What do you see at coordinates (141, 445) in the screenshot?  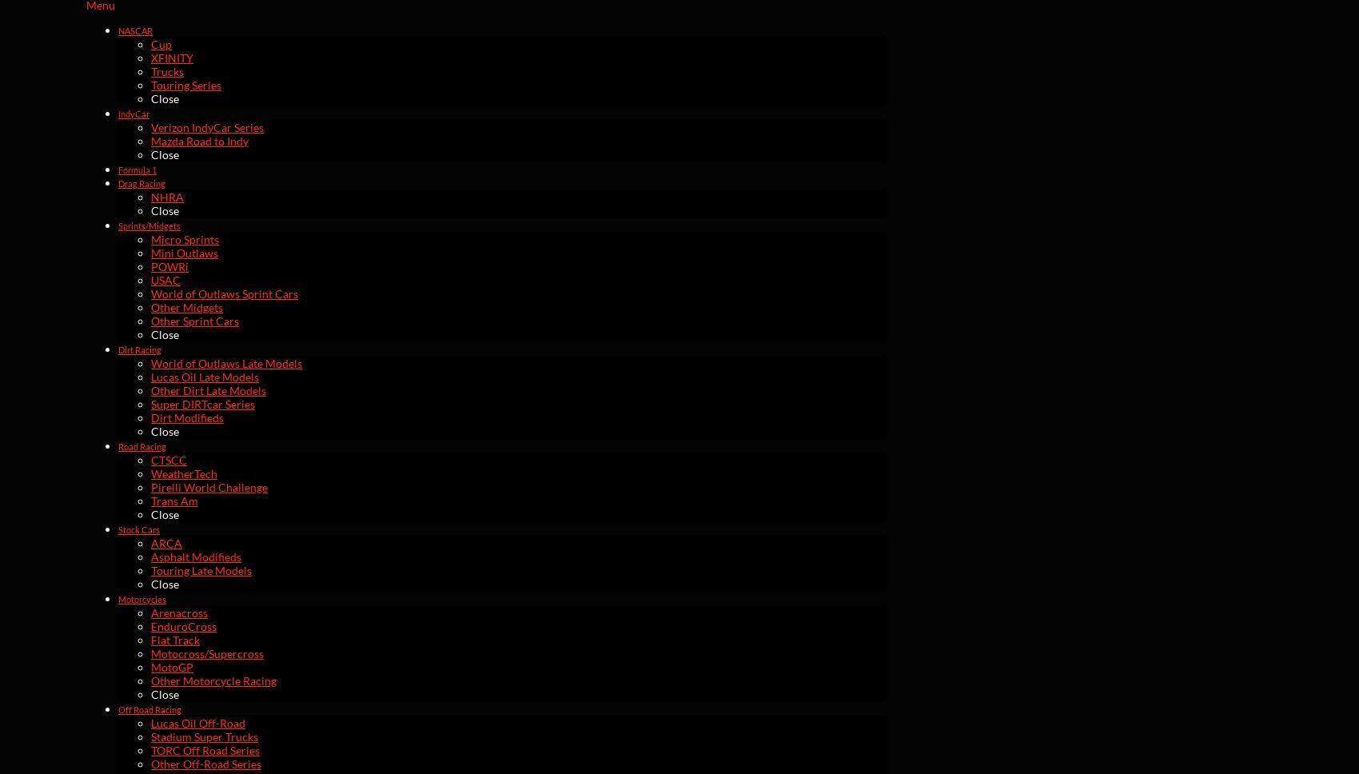 I see `'Road Racing'` at bounding box center [141, 445].